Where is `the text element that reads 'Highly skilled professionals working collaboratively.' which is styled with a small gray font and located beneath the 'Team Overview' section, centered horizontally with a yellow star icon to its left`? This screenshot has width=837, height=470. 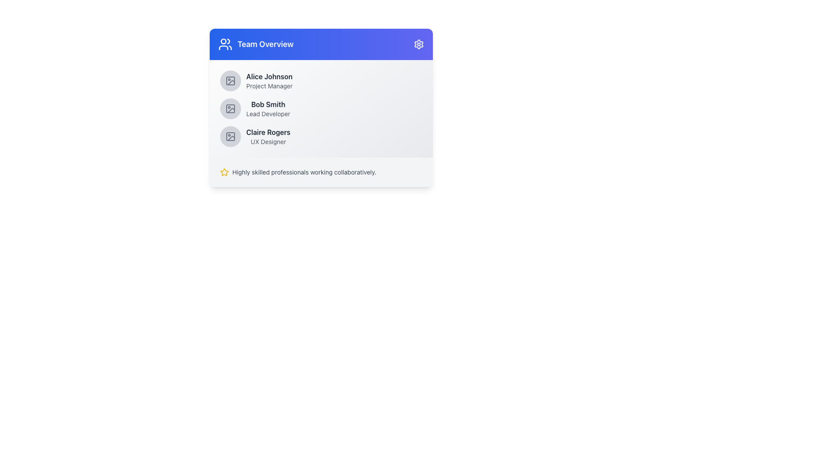 the text element that reads 'Highly skilled professionals working collaboratively.' which is styled with a small gray font and located beneath the 'Team Overview' section, centered horizontally with a yellow star icon to its left is located at coordinates (304, 172).